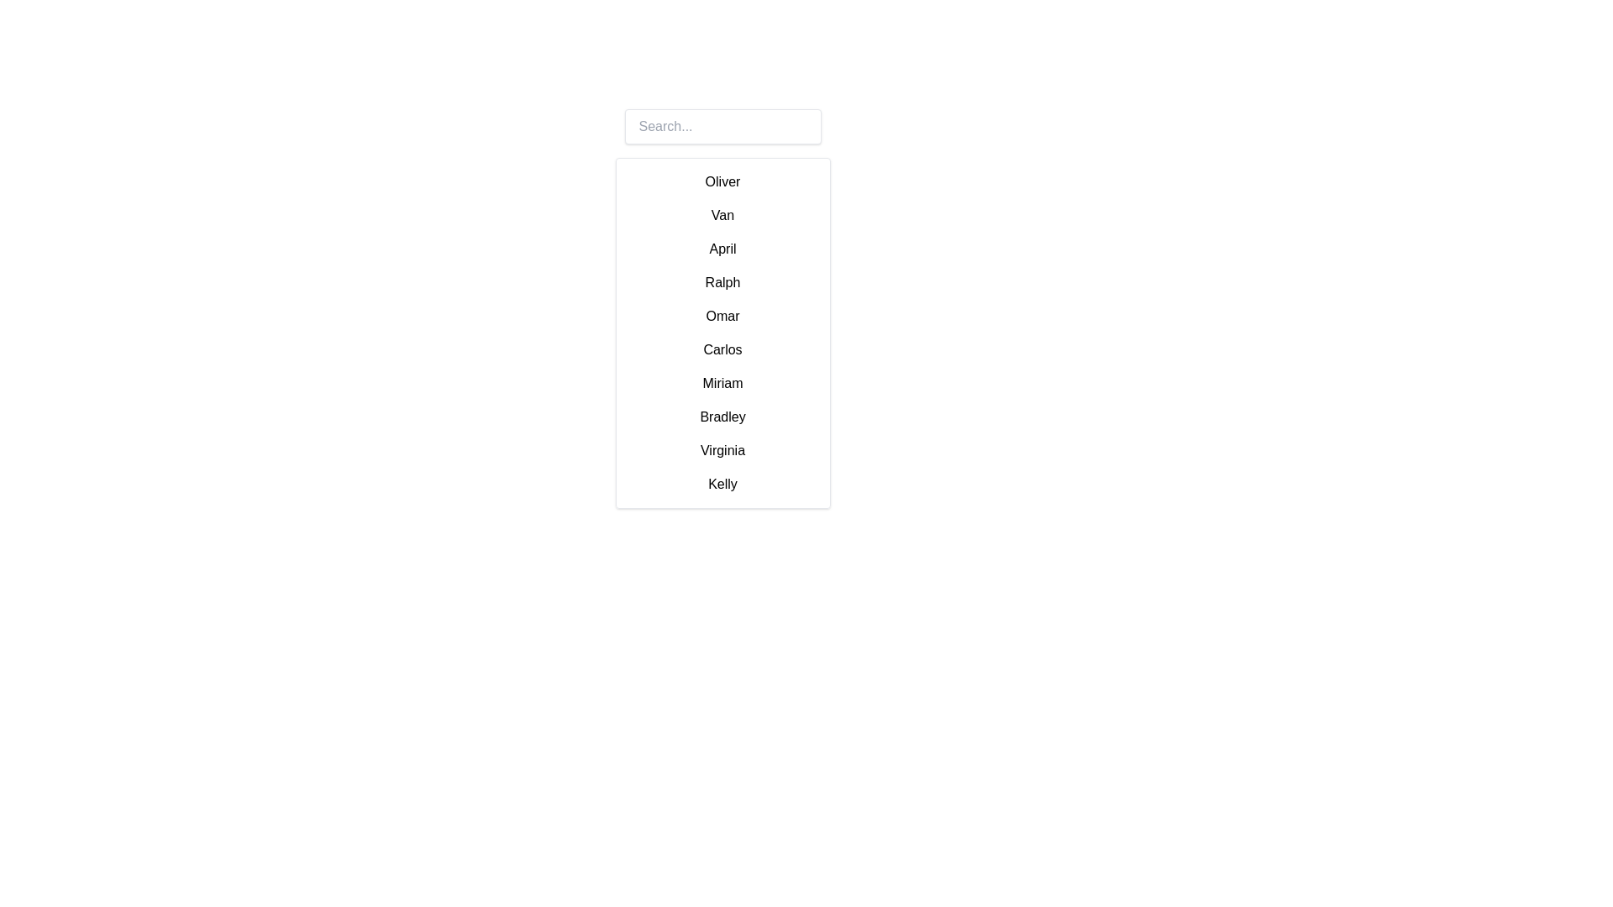  Describe the element at coordinates (722, 449) in the screenshot. I see `the list item labeled 'Virginia', which is the ninth item in a vertical list of names` at that location.